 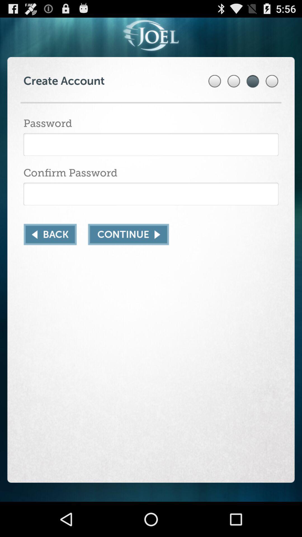 What do you see at coordinates (151, 194) in the screenshot?
I see `insert password` at bounding box center [151, 194].